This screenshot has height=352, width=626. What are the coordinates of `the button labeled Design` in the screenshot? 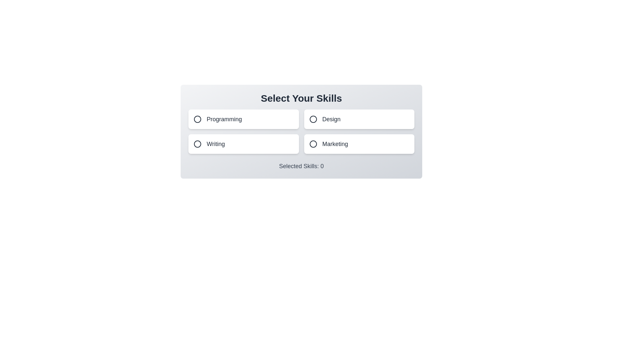 It's located at (359, 119).